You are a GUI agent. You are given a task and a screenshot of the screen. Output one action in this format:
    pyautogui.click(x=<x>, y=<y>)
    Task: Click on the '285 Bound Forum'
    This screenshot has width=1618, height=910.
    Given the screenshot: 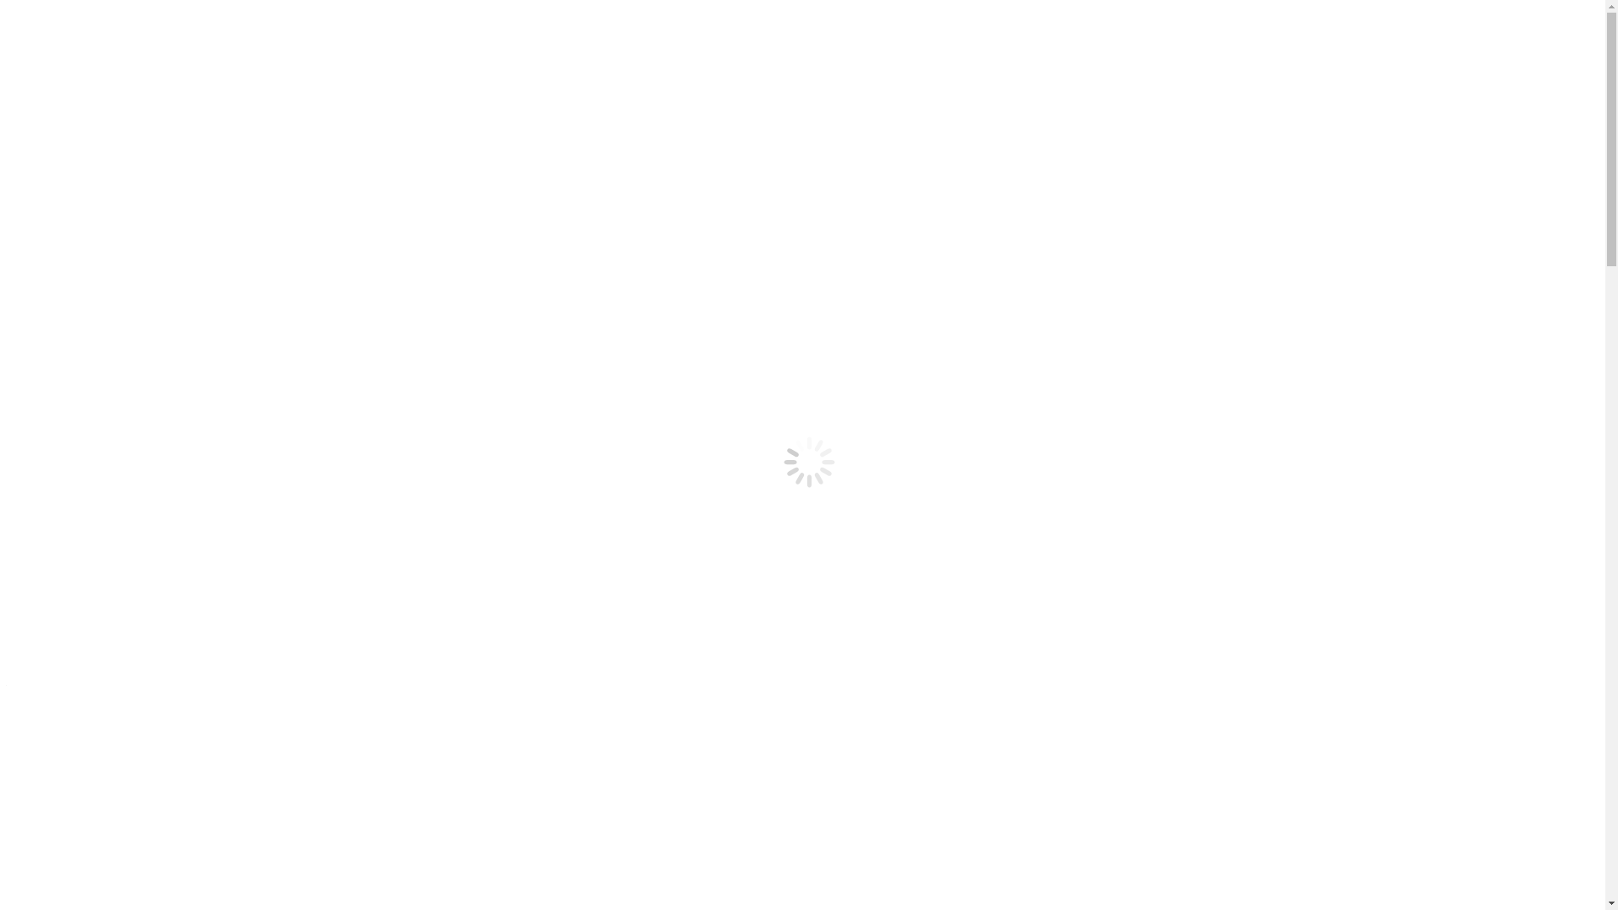 What is the action you would take?
    pyautogui.click(x=40, y=229)
    